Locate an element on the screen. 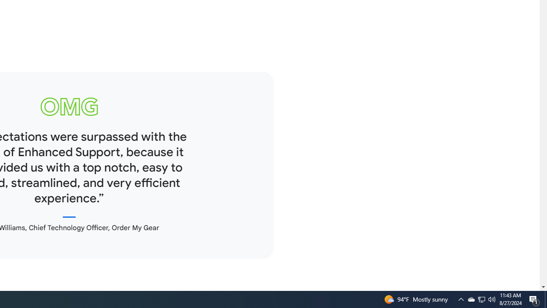  'omg logo' is located at coordinates (69, 106).